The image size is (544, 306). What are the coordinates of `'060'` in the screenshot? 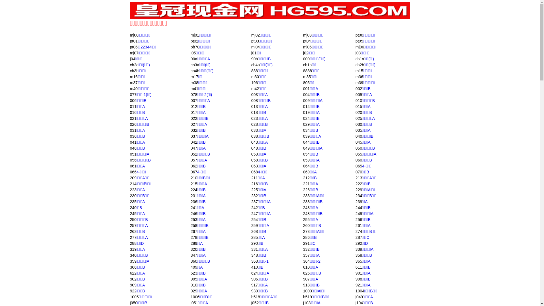 It's located at (355, 160).